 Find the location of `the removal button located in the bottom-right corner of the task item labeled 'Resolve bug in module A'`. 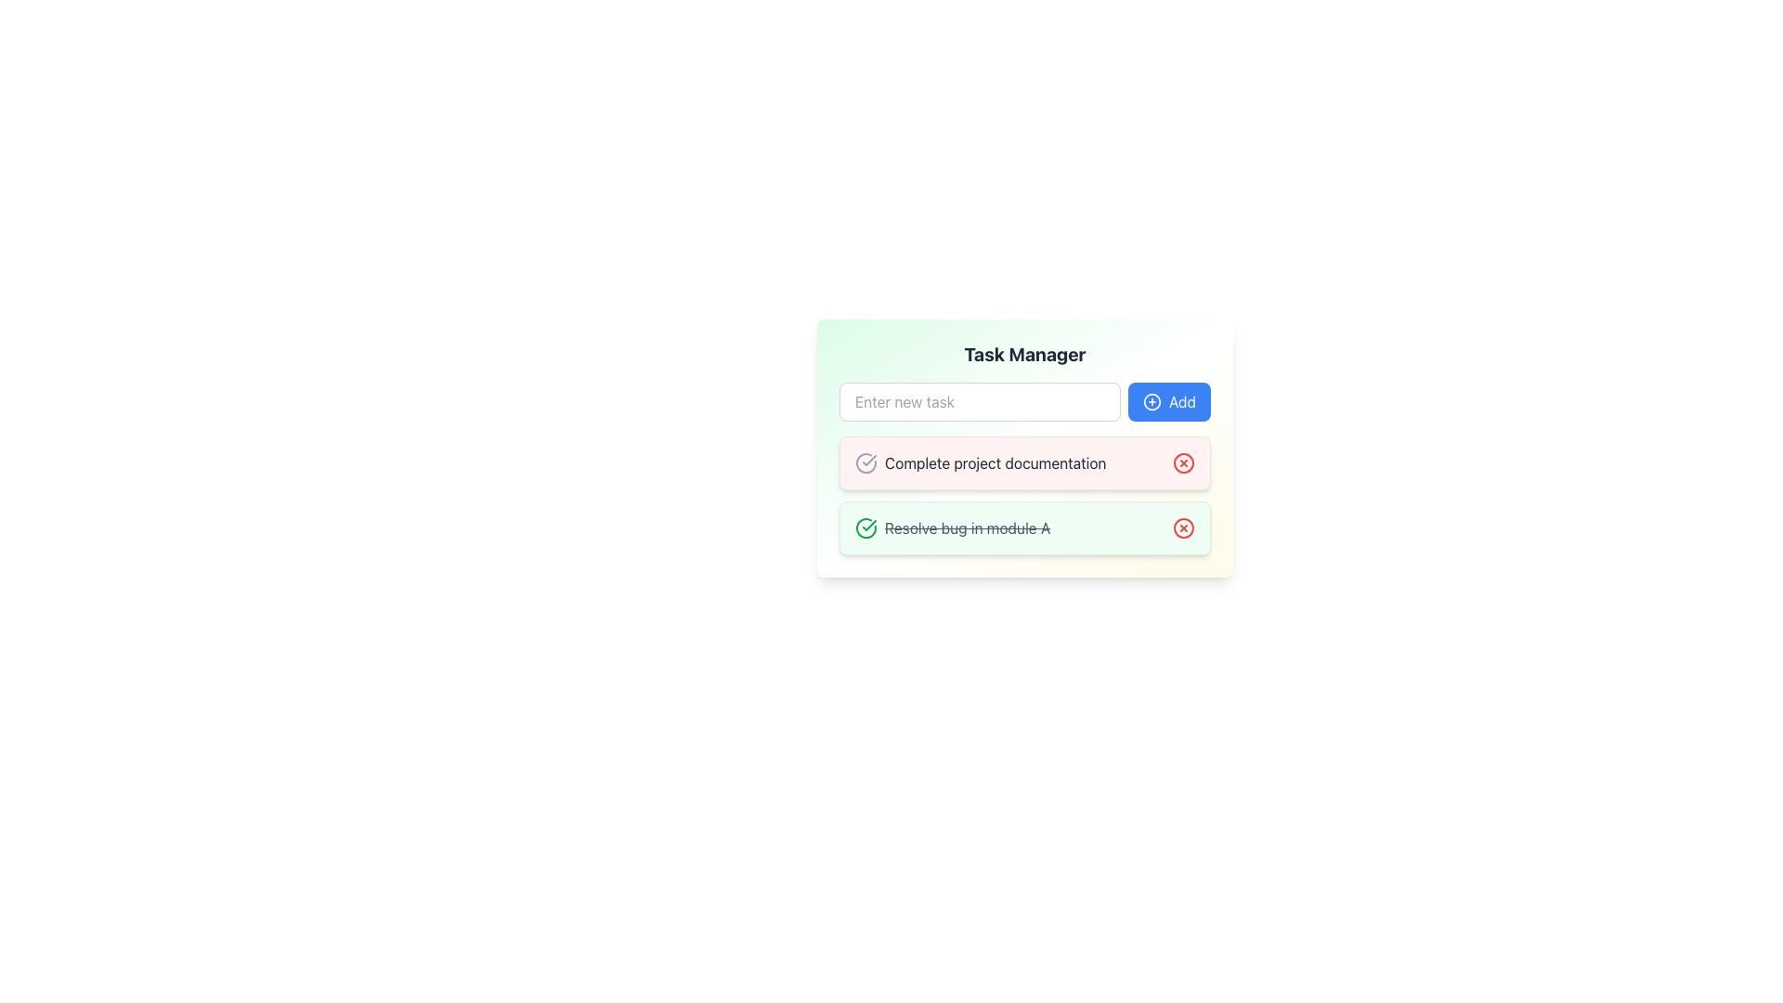

the removal button located in the bottom-right corner of the task item labeled 'Resolve bug in module A' is located at coordinates (1183, 528).